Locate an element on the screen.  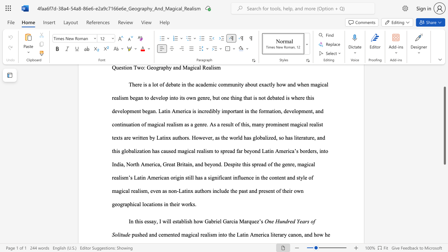
the subset text "o: G" within the text "Question Two: Geography and Magical Realism" is located at coordinates (141, 68).